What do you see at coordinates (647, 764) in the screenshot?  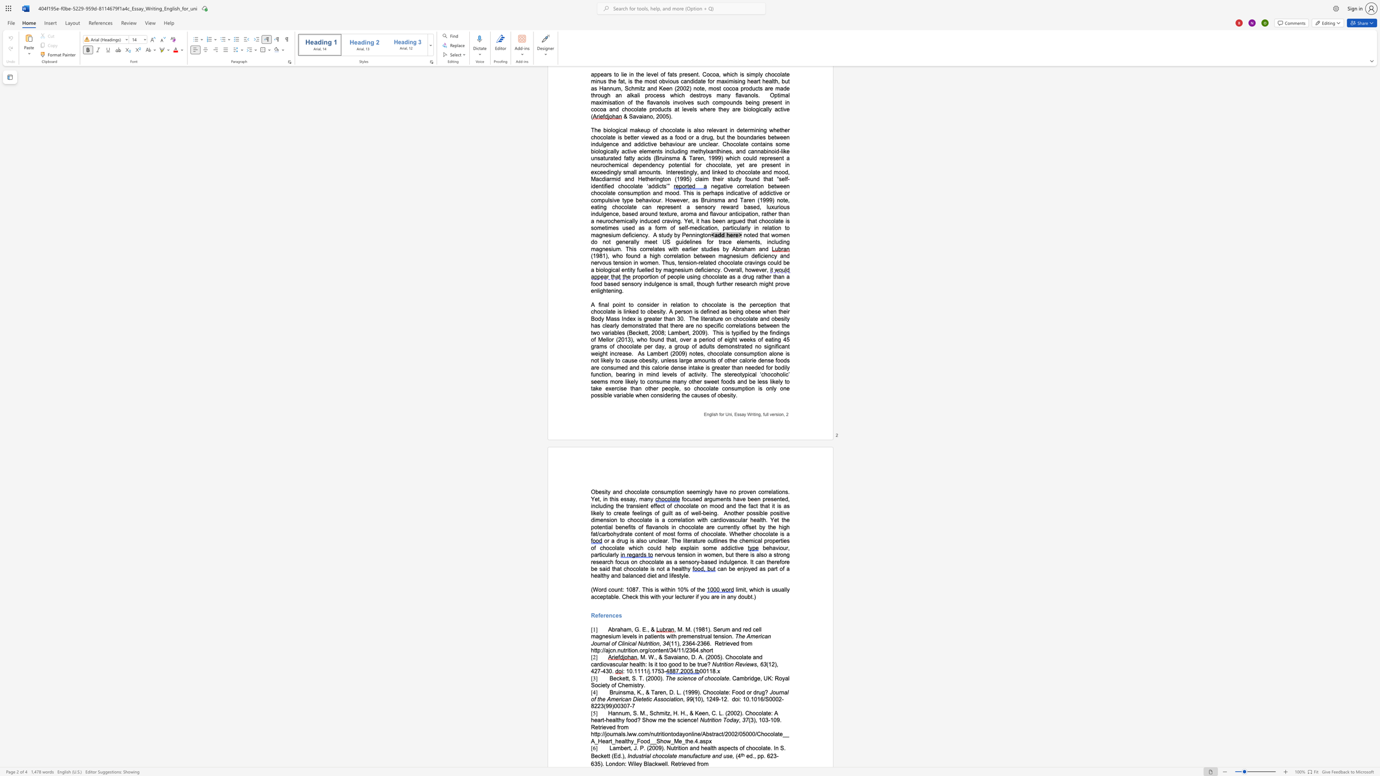 I see `the subset text "lackw" within the text "ed., pp. 623-635). London: Wiley Blackwell. Retrieved from"` at bounding box center [647, 764].